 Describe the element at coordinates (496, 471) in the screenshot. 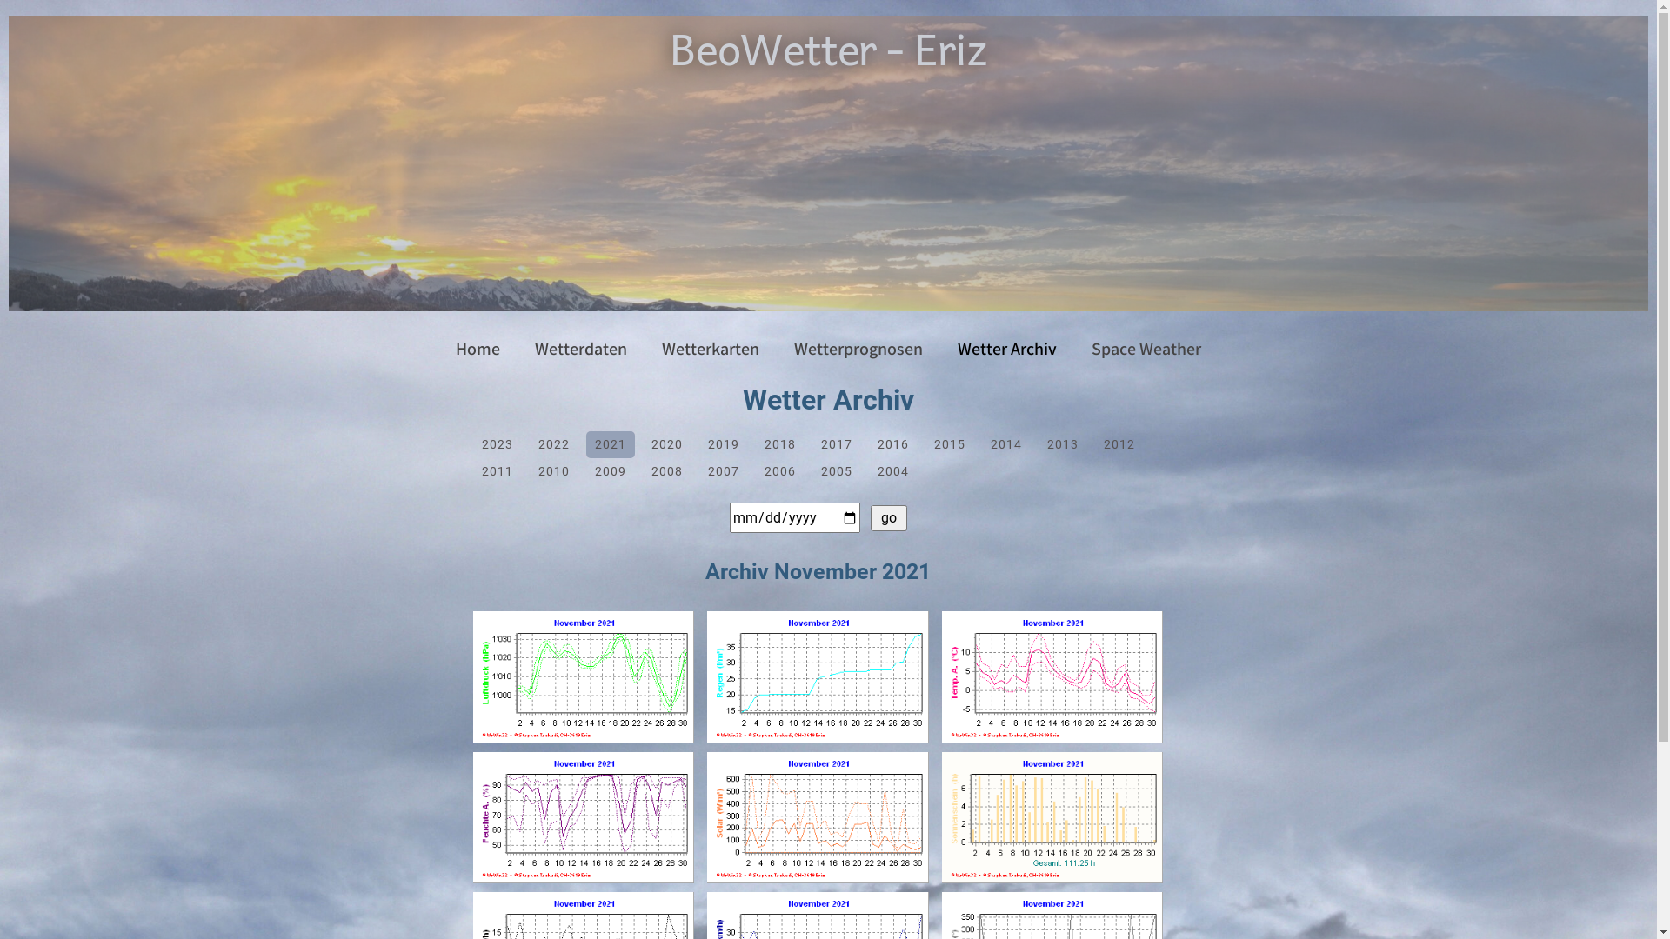

I see `'2011'` at that location.